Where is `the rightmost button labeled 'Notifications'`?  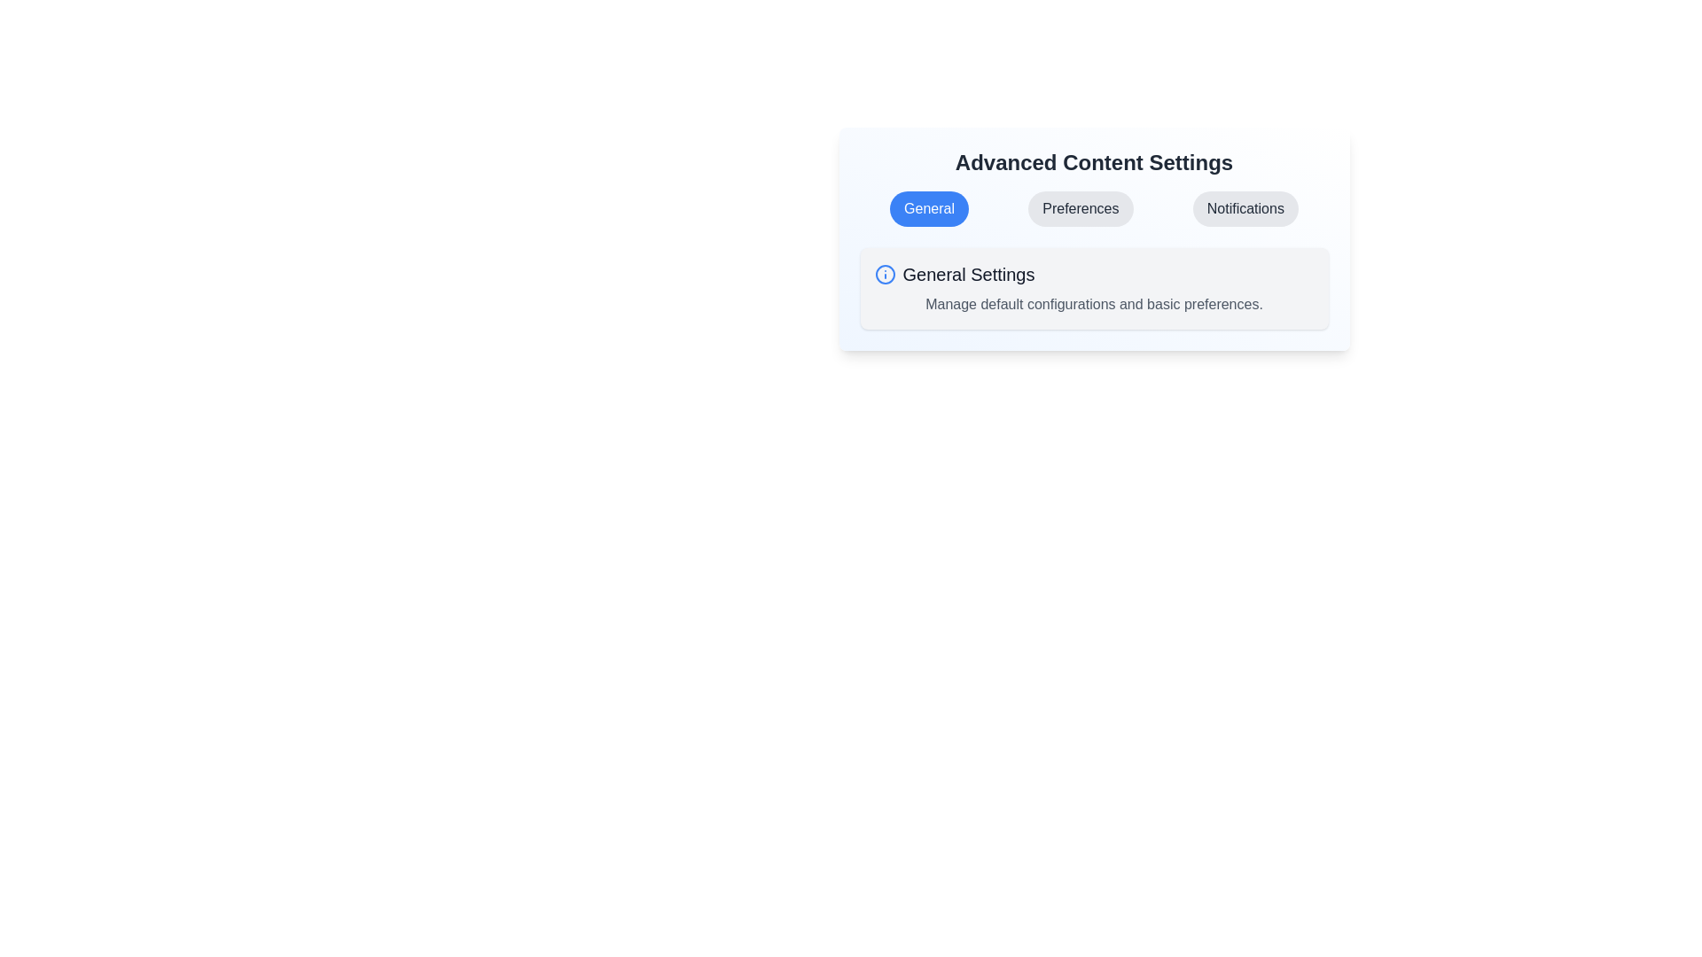
the rightmost button labeled 'Notifications' is located at coordinates (1245, 207).